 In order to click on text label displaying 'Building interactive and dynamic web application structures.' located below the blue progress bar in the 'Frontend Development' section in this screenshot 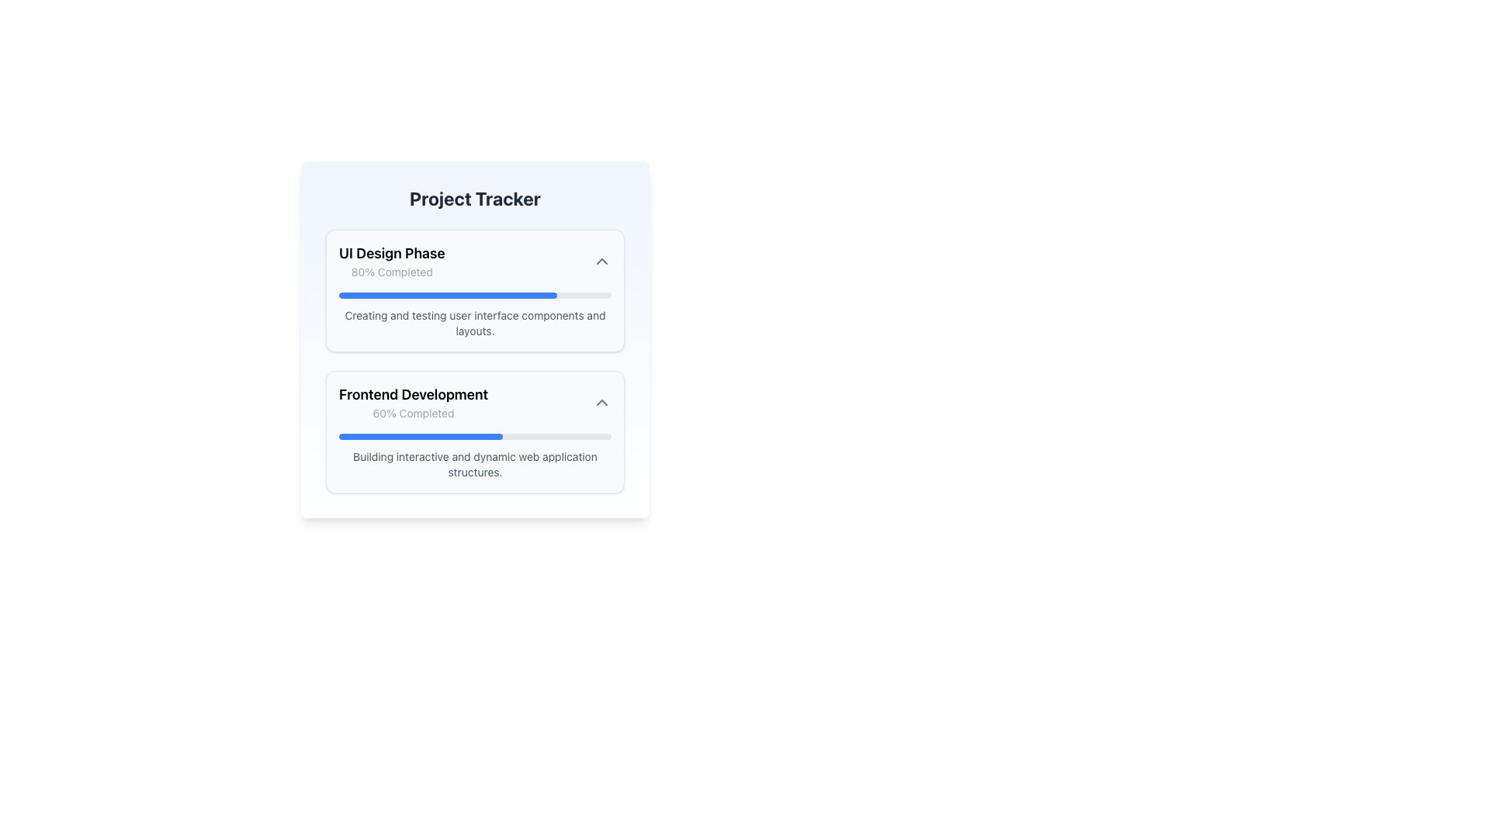, I will do `click(474, 463)`.